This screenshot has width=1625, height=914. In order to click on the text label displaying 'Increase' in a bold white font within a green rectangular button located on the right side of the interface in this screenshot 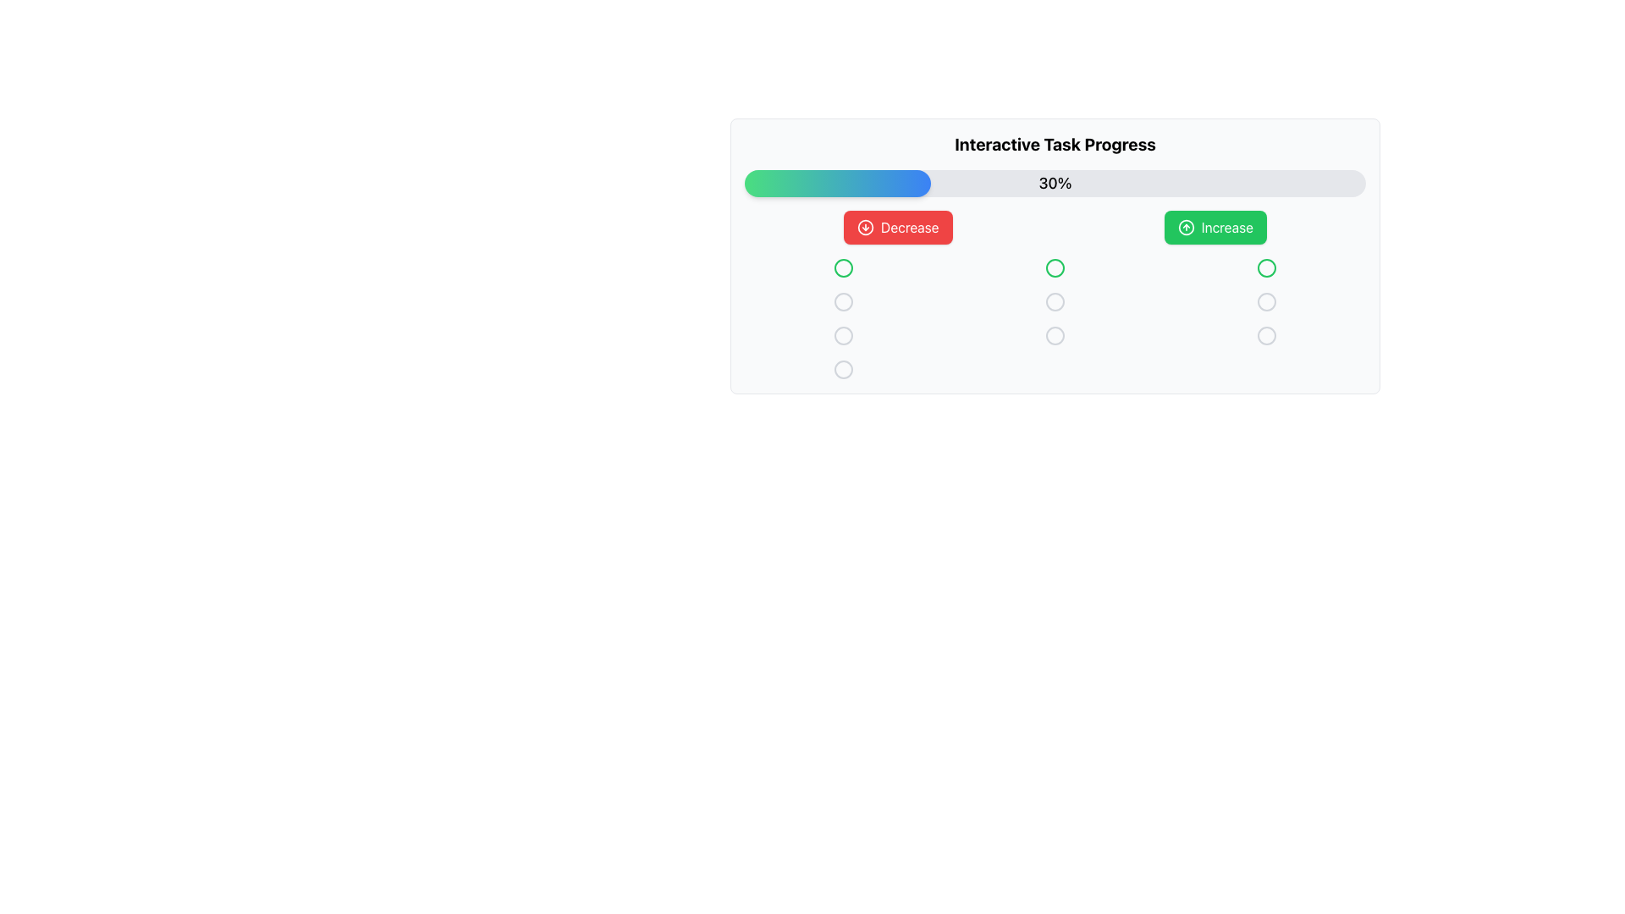, I will do `click(1227, 227)`.